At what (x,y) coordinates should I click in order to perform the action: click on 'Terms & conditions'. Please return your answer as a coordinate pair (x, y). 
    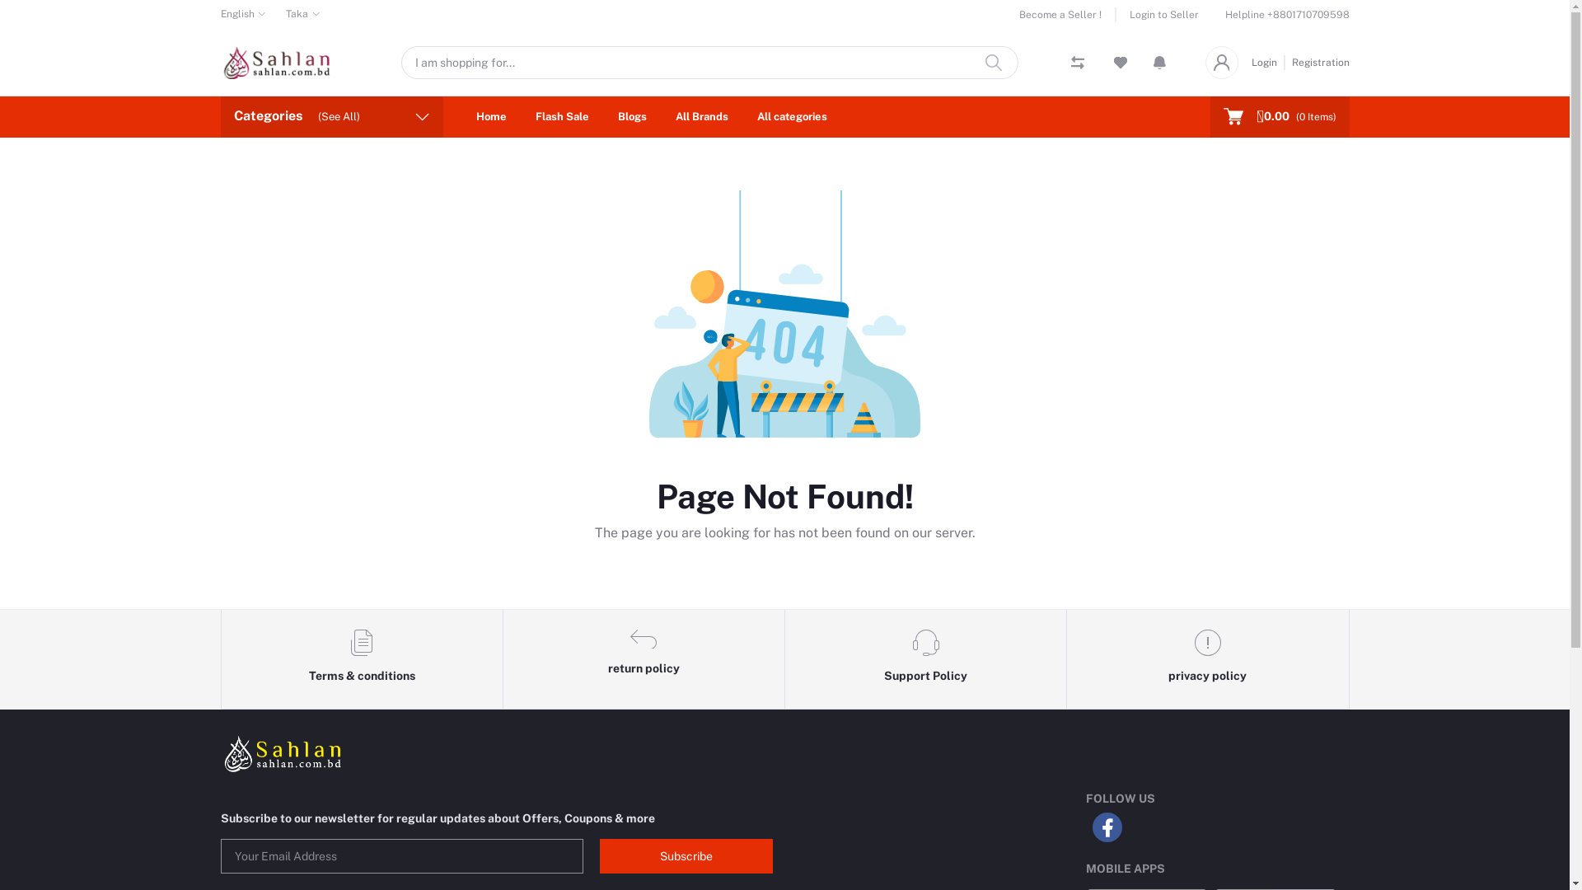
    Looking at the image, I should click on (360, 659).